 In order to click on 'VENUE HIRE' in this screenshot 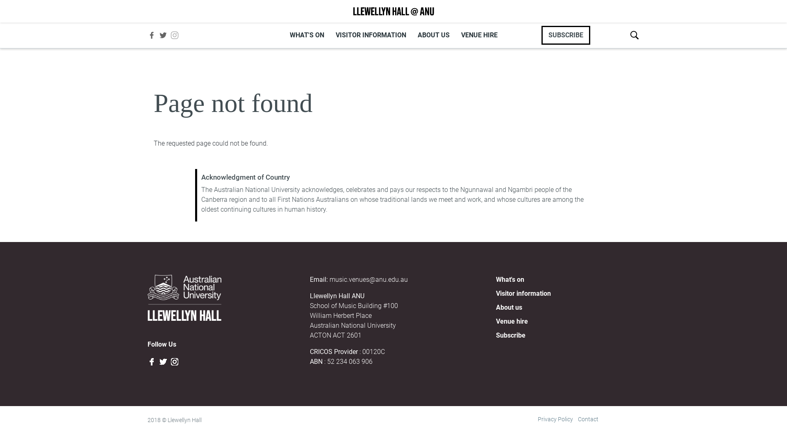, I will do `click(479, 34)`.